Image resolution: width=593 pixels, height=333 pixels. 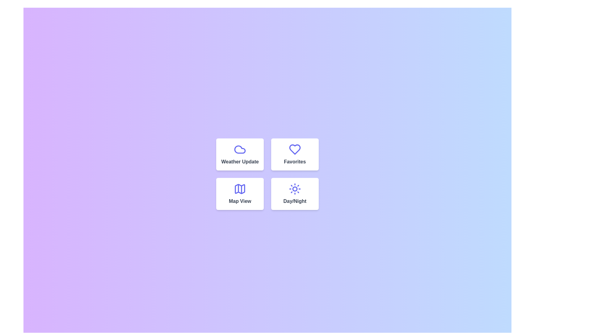 I want to click on the Interactive card titled 'Weather Update', which features a cloud icon at the top center and is styled with a white background and rounded corners, so click(x=240, y=154).